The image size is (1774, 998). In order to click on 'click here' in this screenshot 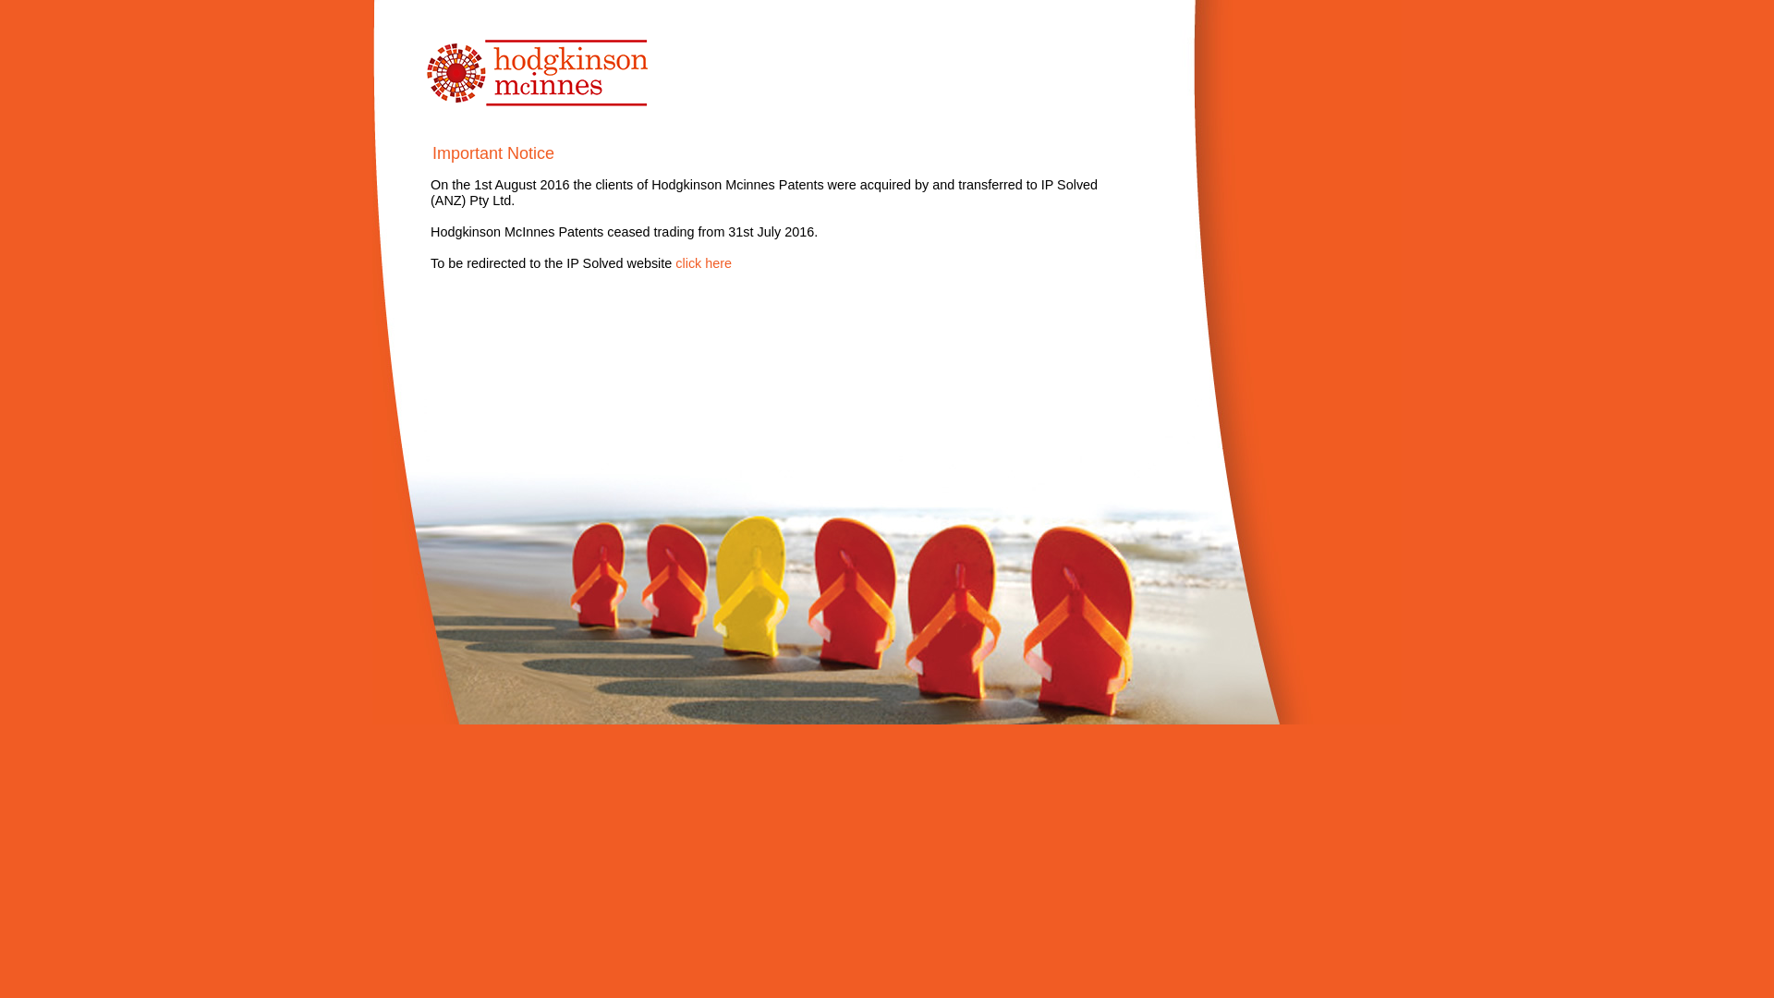, I will do `click(702, 263)`.